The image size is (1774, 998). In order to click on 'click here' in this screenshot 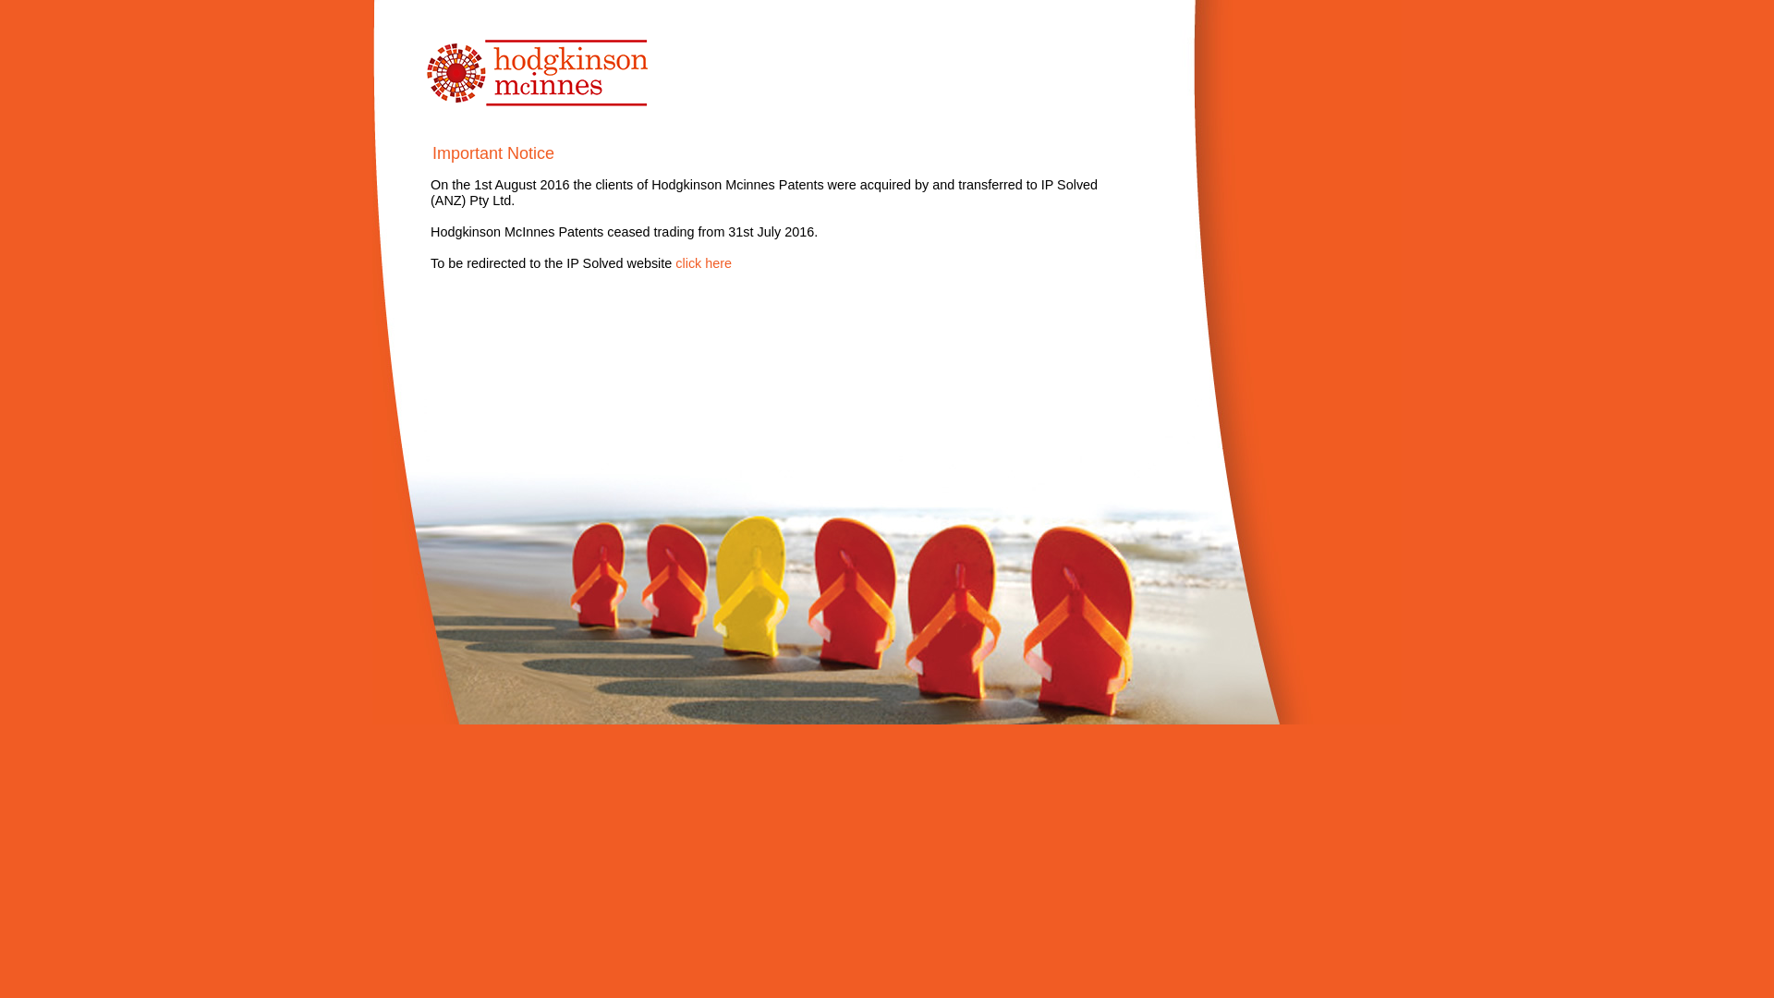, I will do `click(702, 263)`.